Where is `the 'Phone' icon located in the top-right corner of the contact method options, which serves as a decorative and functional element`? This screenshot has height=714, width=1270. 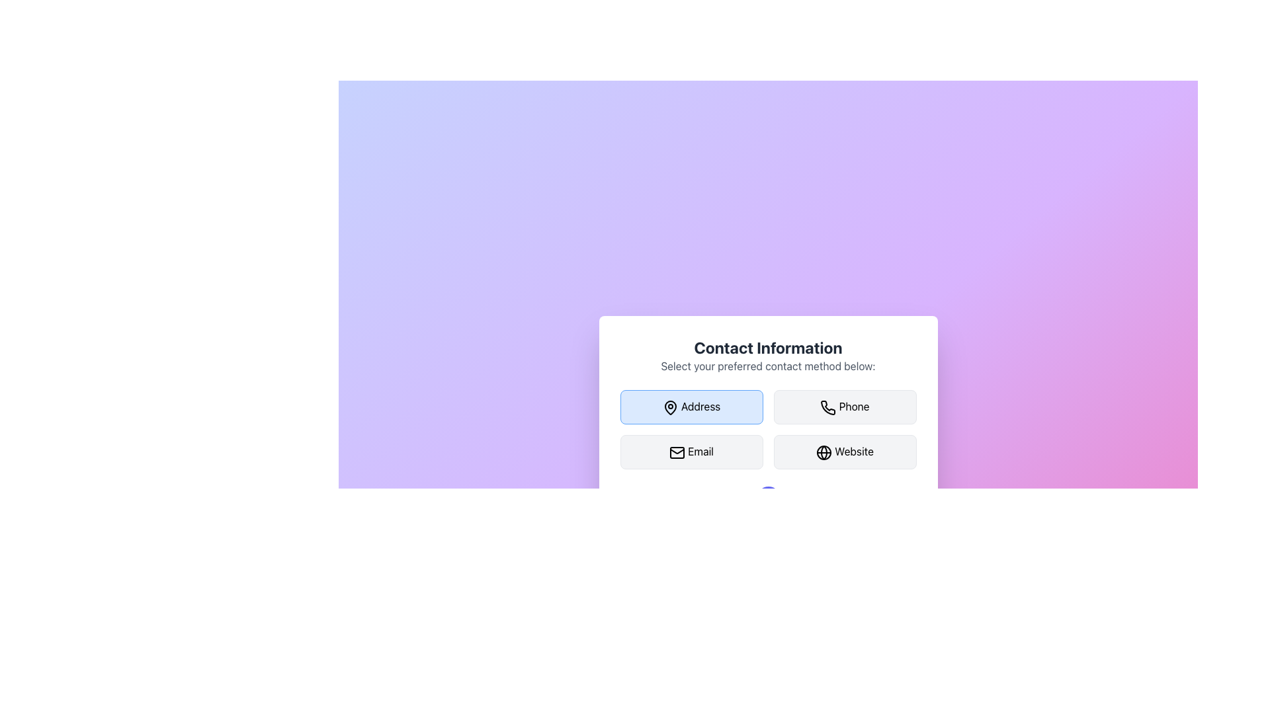
the 'Phone' icon located in the top-right corner of the contact method options, which serves as a decorative and functional element is located at coordinates (827, 407).